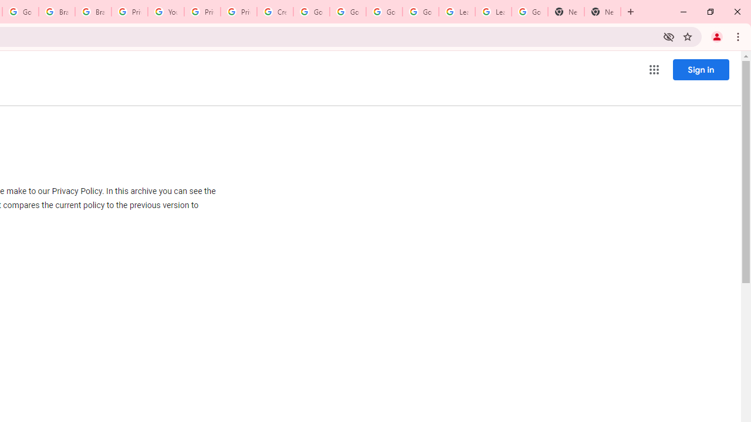 Image resolution: width=751 pixels, height=422 pixels. What do you see at coordinates (275, 12) in the screenshot?
I see `'Create your Google Account'` at bounding box center [275, 12].